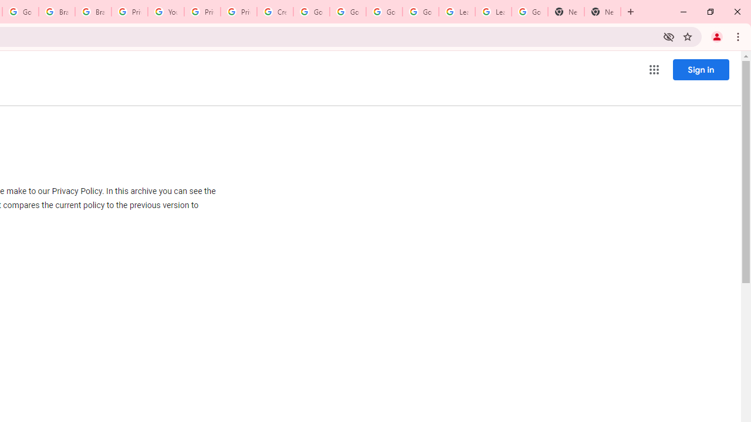 Image resolution: width=751 pixels, height=422 pixels. What do you see at coordinates (275, 12) in the screenshot?
I see `'Create your Google Account'` at bounding box center [275, 12].